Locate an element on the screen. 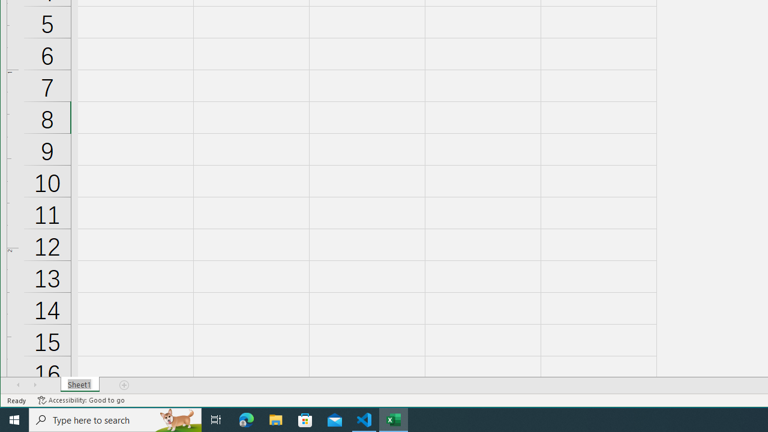  'Scroll Right' is located at coordinates (35, 385).